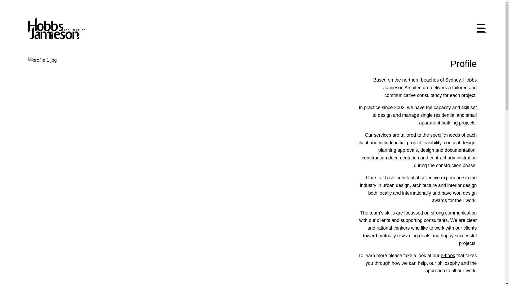  Describe the element at coordinates (447, 255) in the screenshot. I see `'e-book'` at that location.